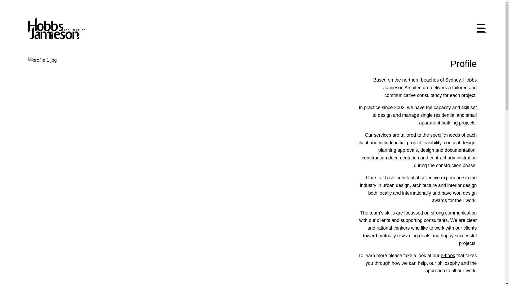  Describe the element at coordinates (447, 255) in the screenshot. I see `'e-book'` at that location.